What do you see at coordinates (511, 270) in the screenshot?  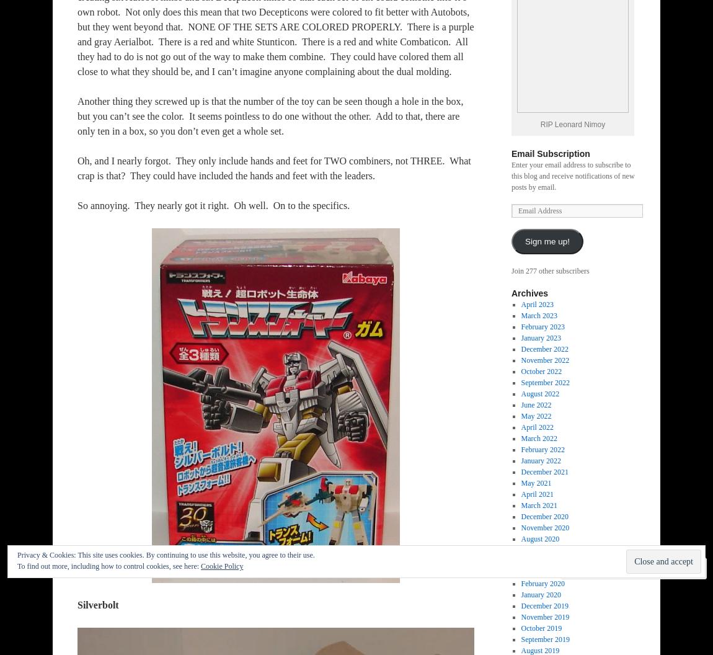 I see `'Join 277 other subscribers'` at bounding box center [511, 270].